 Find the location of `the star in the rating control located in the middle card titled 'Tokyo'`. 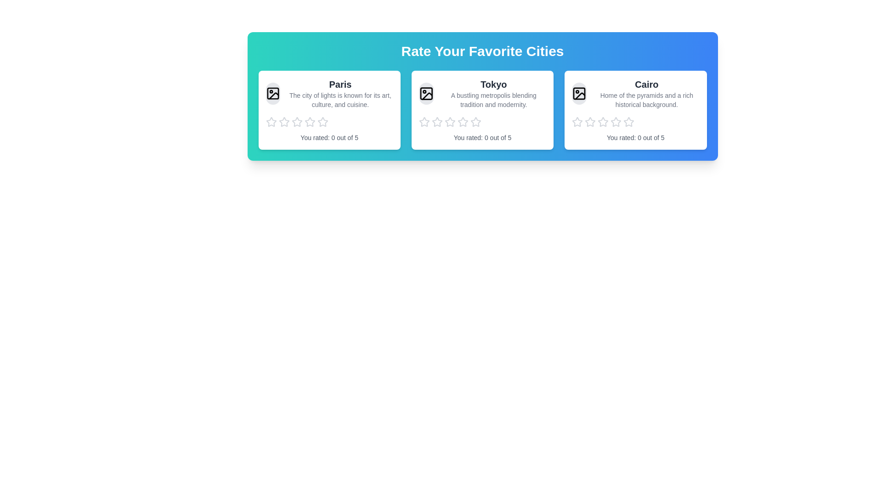

the star in the rating control located in the middle card titled 'Tokyo' is located at coordinates (482, 122).